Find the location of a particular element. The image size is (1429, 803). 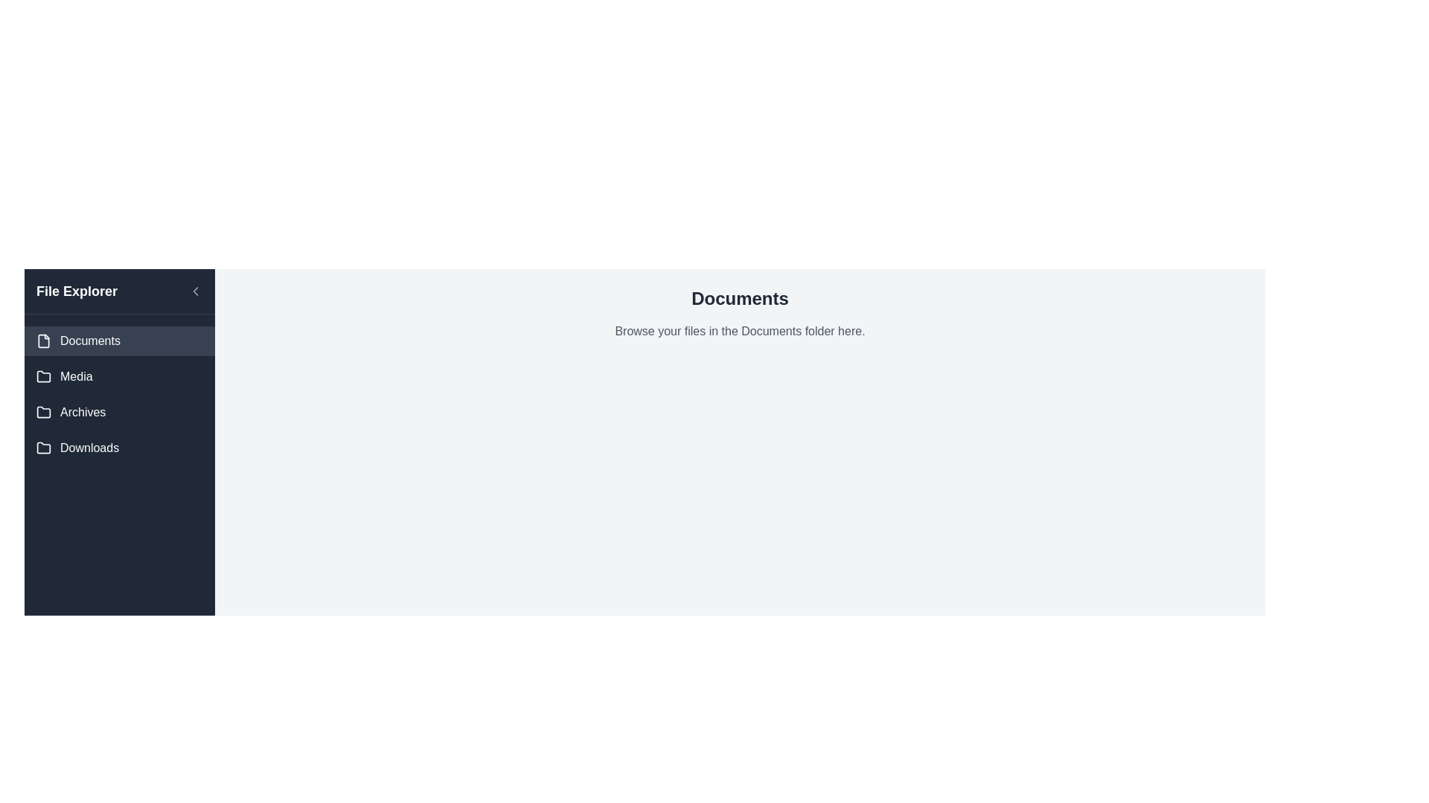

the 'Media' button in the 'File Explorer' sidebar is located at coordinates (120, 394).